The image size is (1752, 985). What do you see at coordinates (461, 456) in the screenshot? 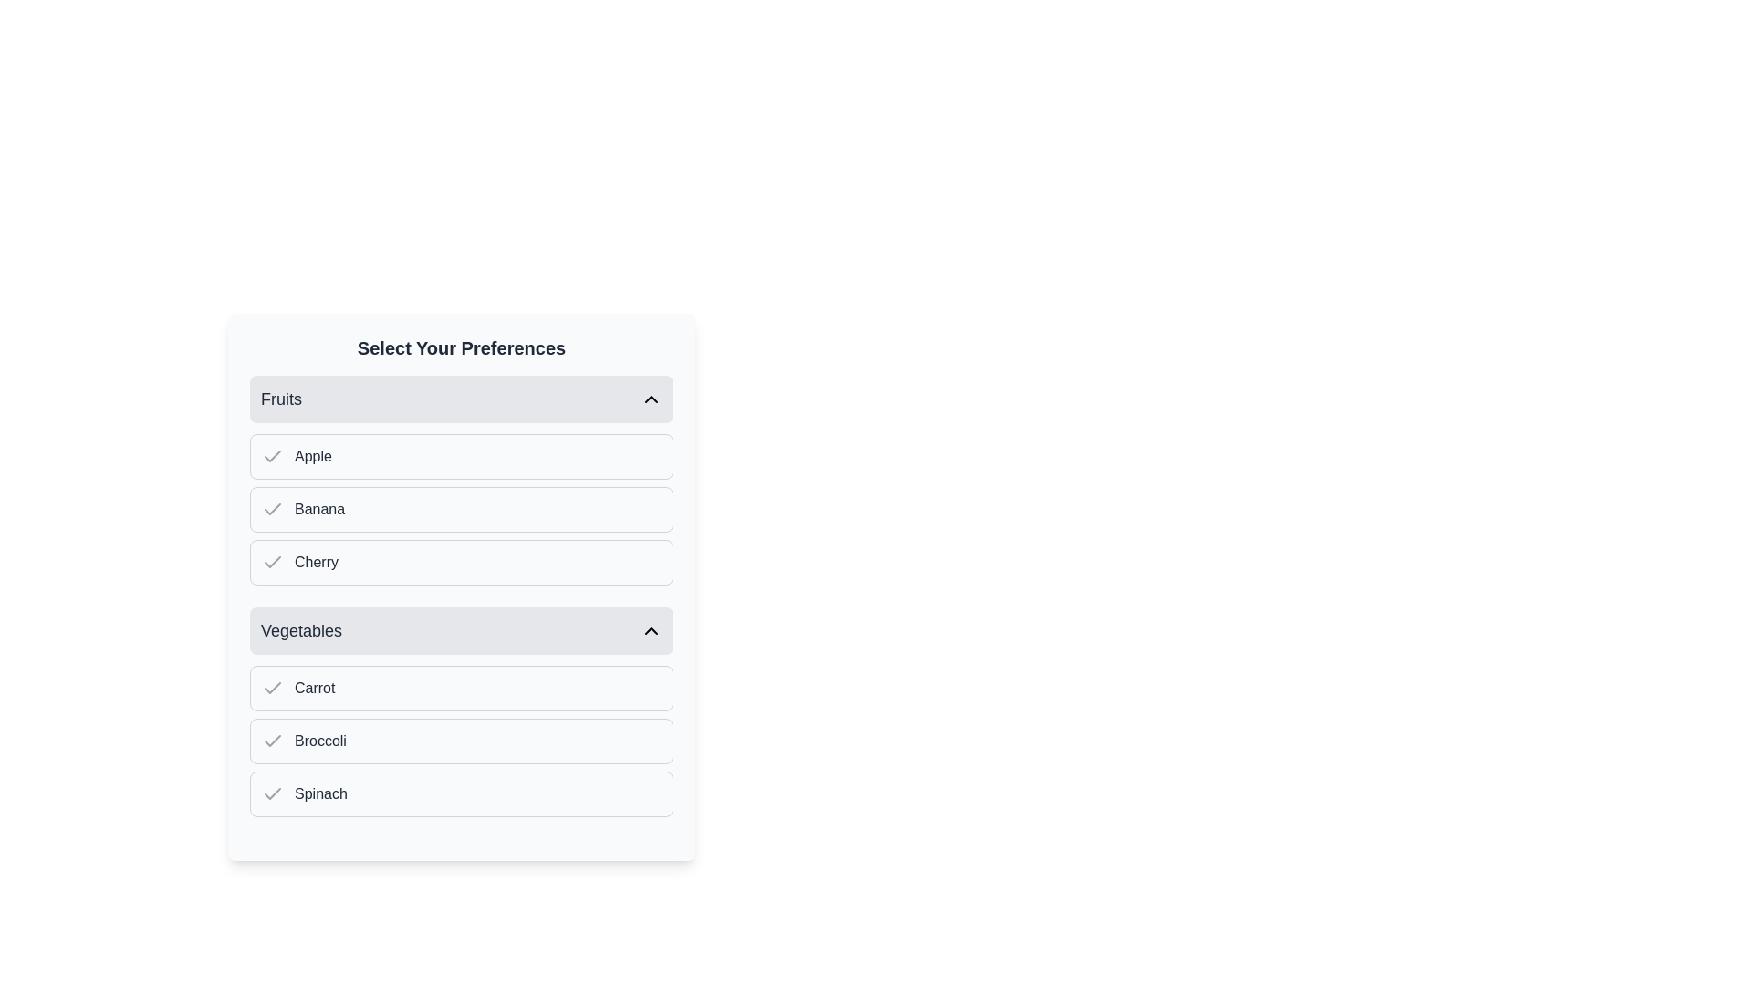
I see `the selectable list item for 'Apple' within the 'Fruits' category` at bounding box center [461, 456].